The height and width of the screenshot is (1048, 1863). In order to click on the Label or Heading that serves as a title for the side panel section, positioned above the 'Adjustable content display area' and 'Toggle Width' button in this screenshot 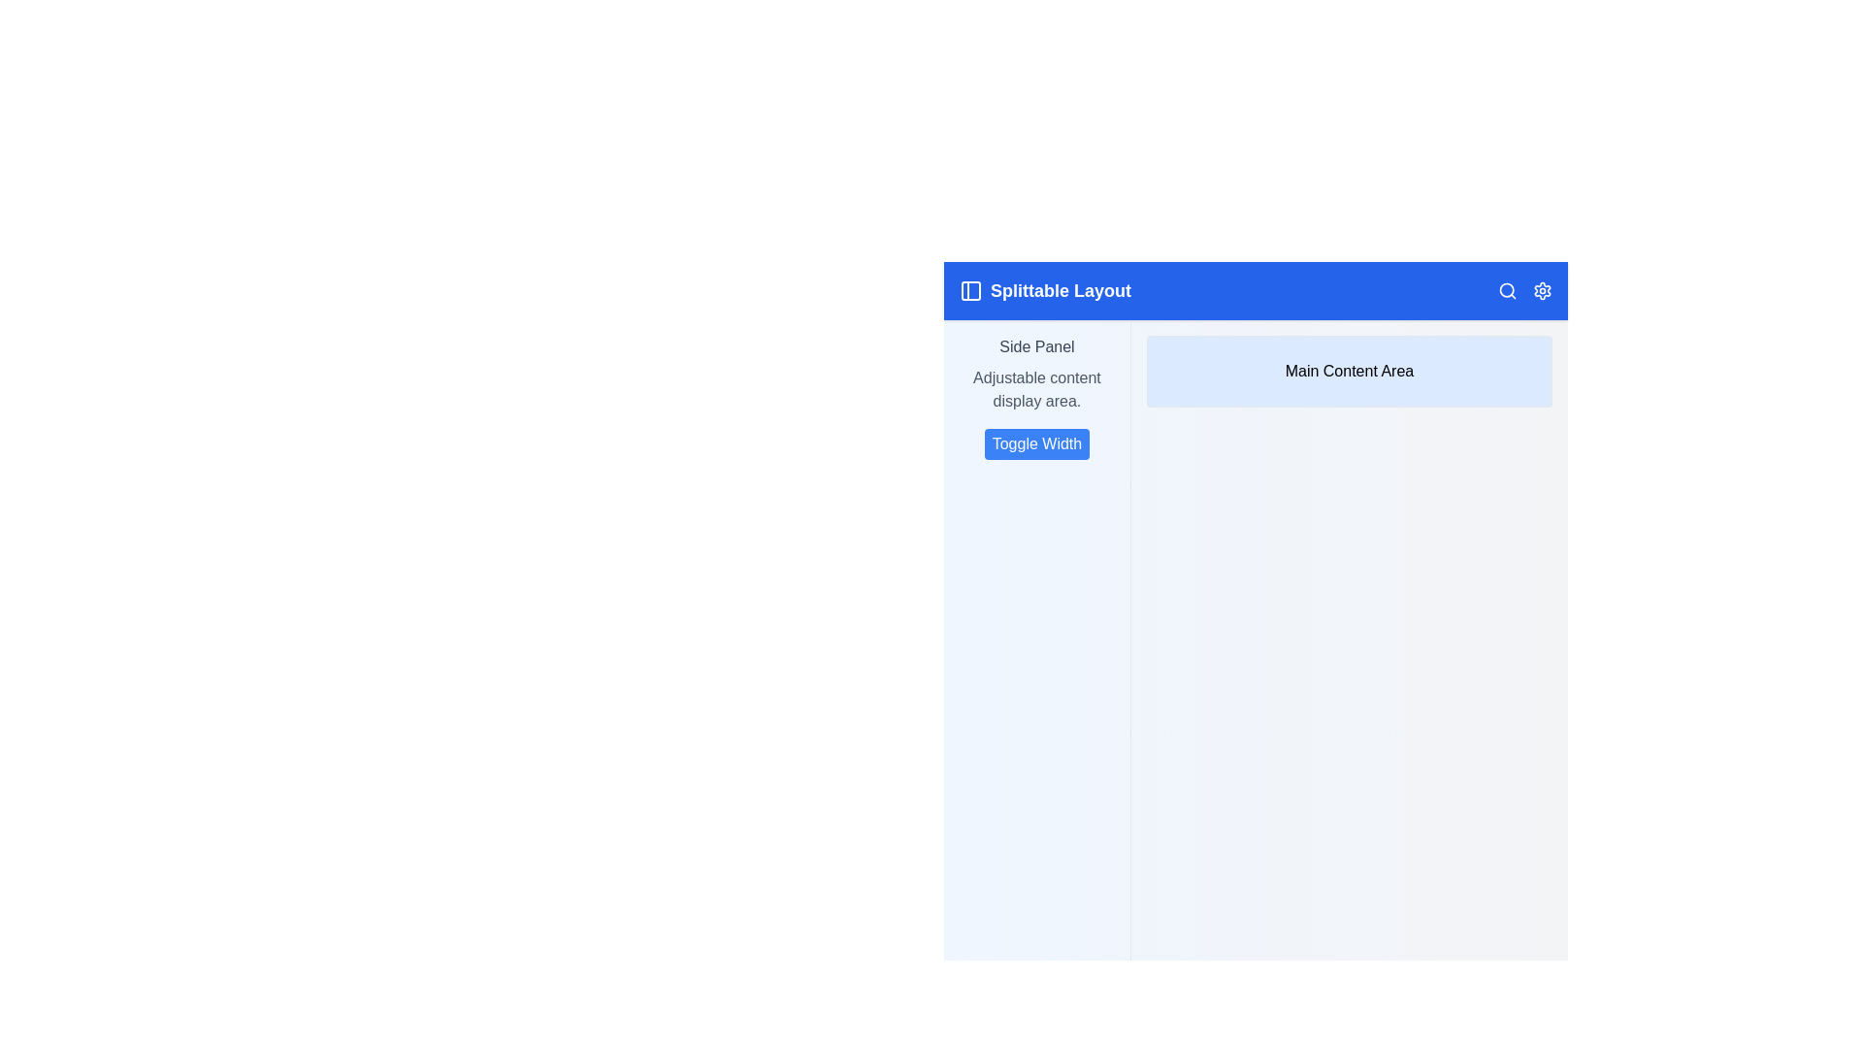, I will do `click(1035, 346)`.